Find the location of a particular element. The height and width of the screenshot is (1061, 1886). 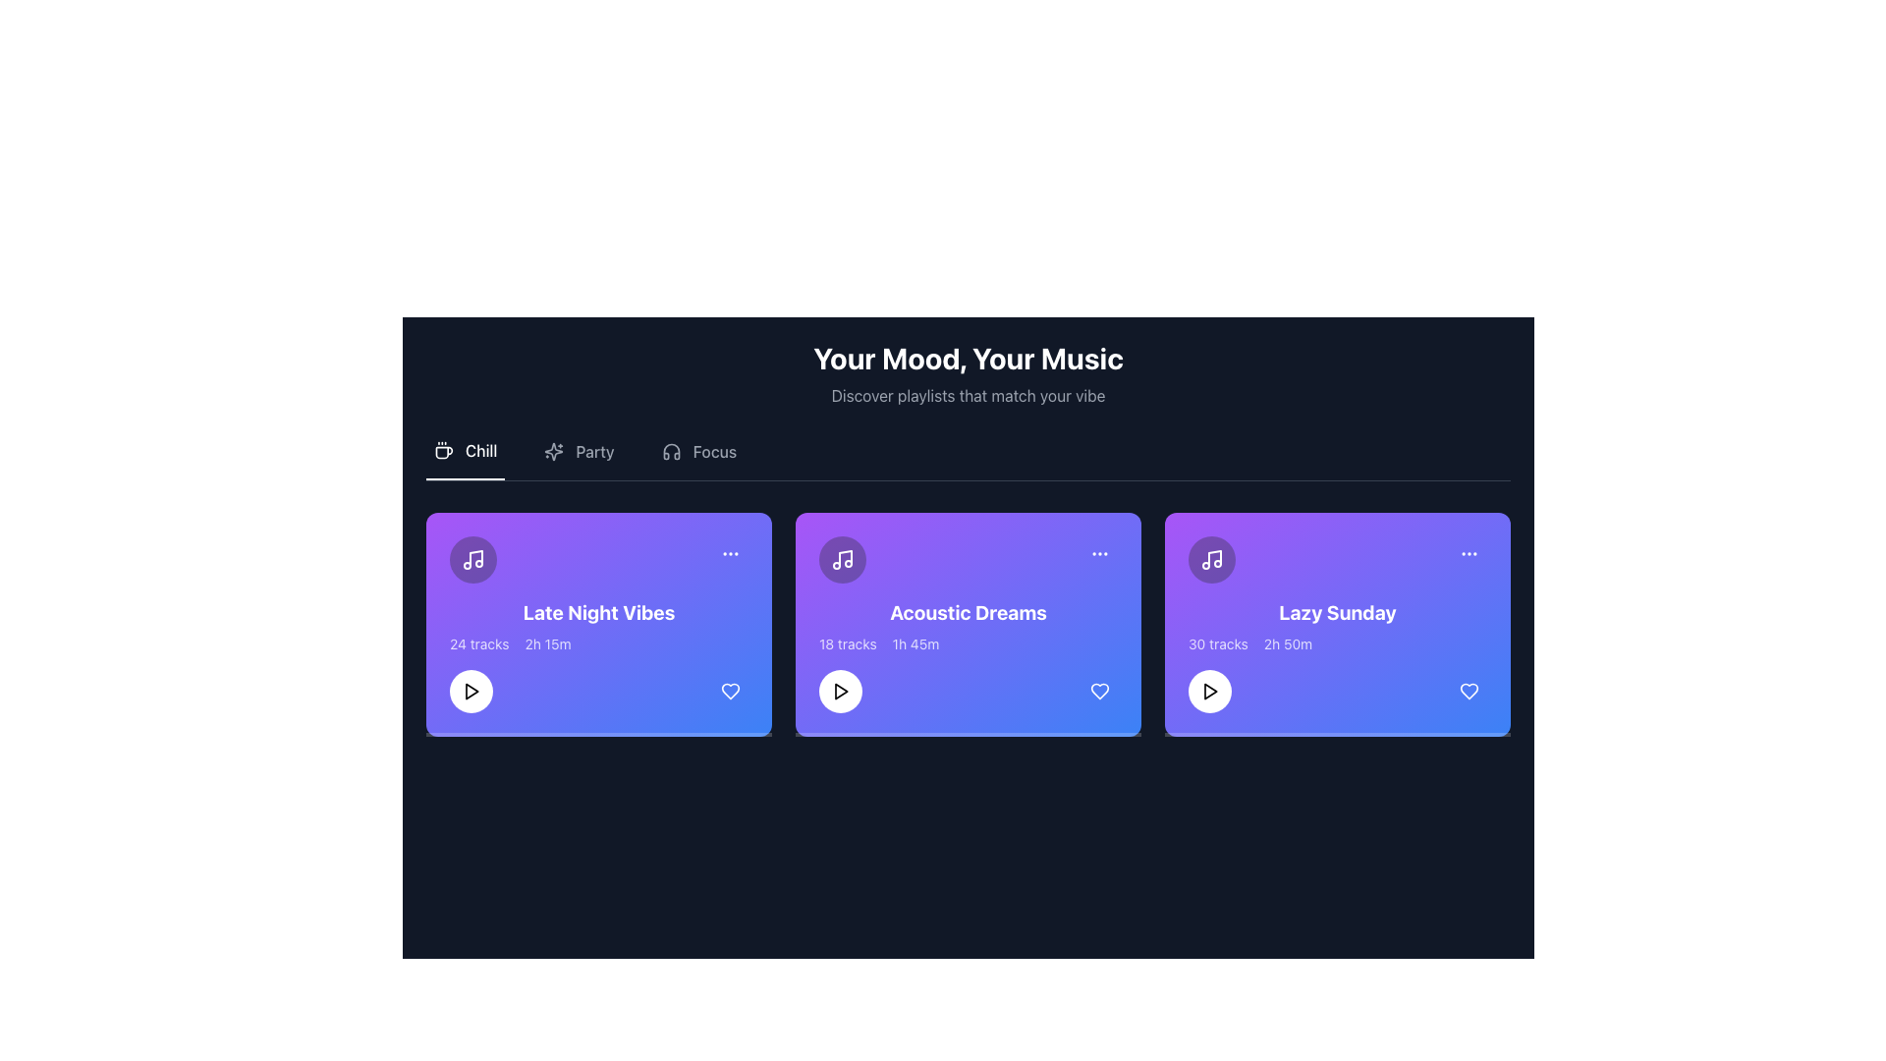

the 'Chill' text label in the horizontal navigation menu is located at coordinates (481, 451).